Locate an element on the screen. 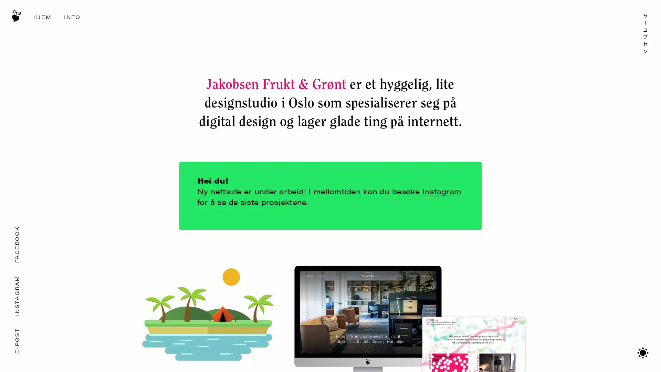  Bytt mellom mrkt/lyst tema is located at coordinates (642, 353).